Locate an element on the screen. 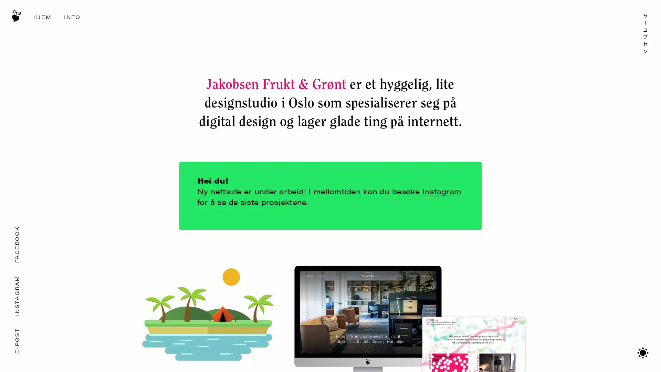  Bytt mellom mrkt/lyst tema is located at coordinates (642, 353).